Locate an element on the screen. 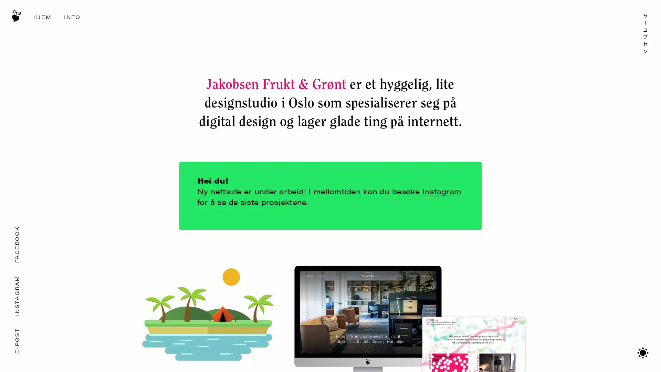  Bytt mellom mrkt/lyst tema is located at coordinates (642, 353).